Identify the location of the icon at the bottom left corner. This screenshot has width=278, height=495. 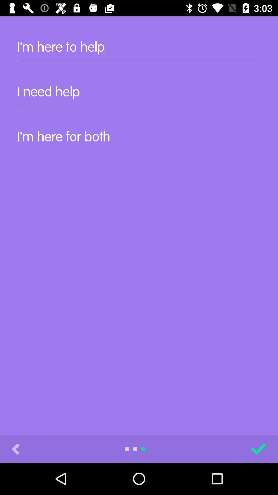
(15, 449).